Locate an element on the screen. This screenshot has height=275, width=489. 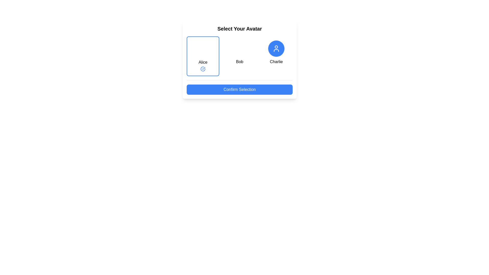
the selectable avatar option button associated with the label 'Charlie' is located at coordinates (276, 49).